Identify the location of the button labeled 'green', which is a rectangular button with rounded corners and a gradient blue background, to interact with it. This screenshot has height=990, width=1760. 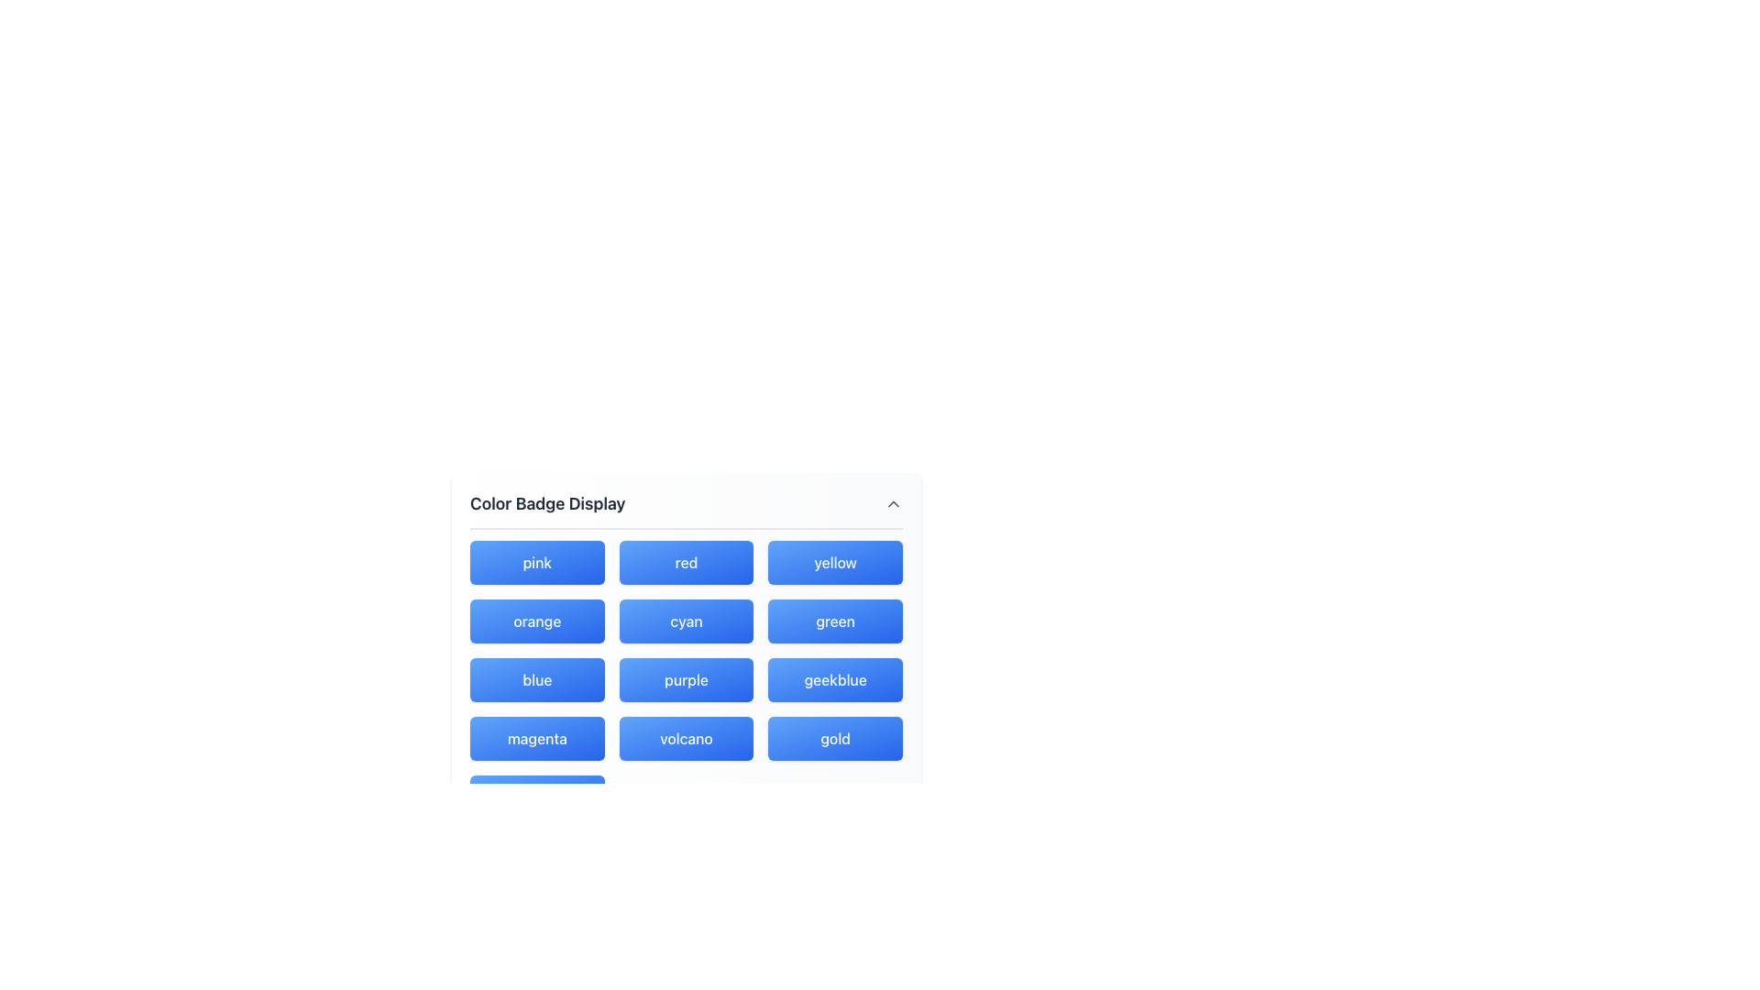
(834, 621).